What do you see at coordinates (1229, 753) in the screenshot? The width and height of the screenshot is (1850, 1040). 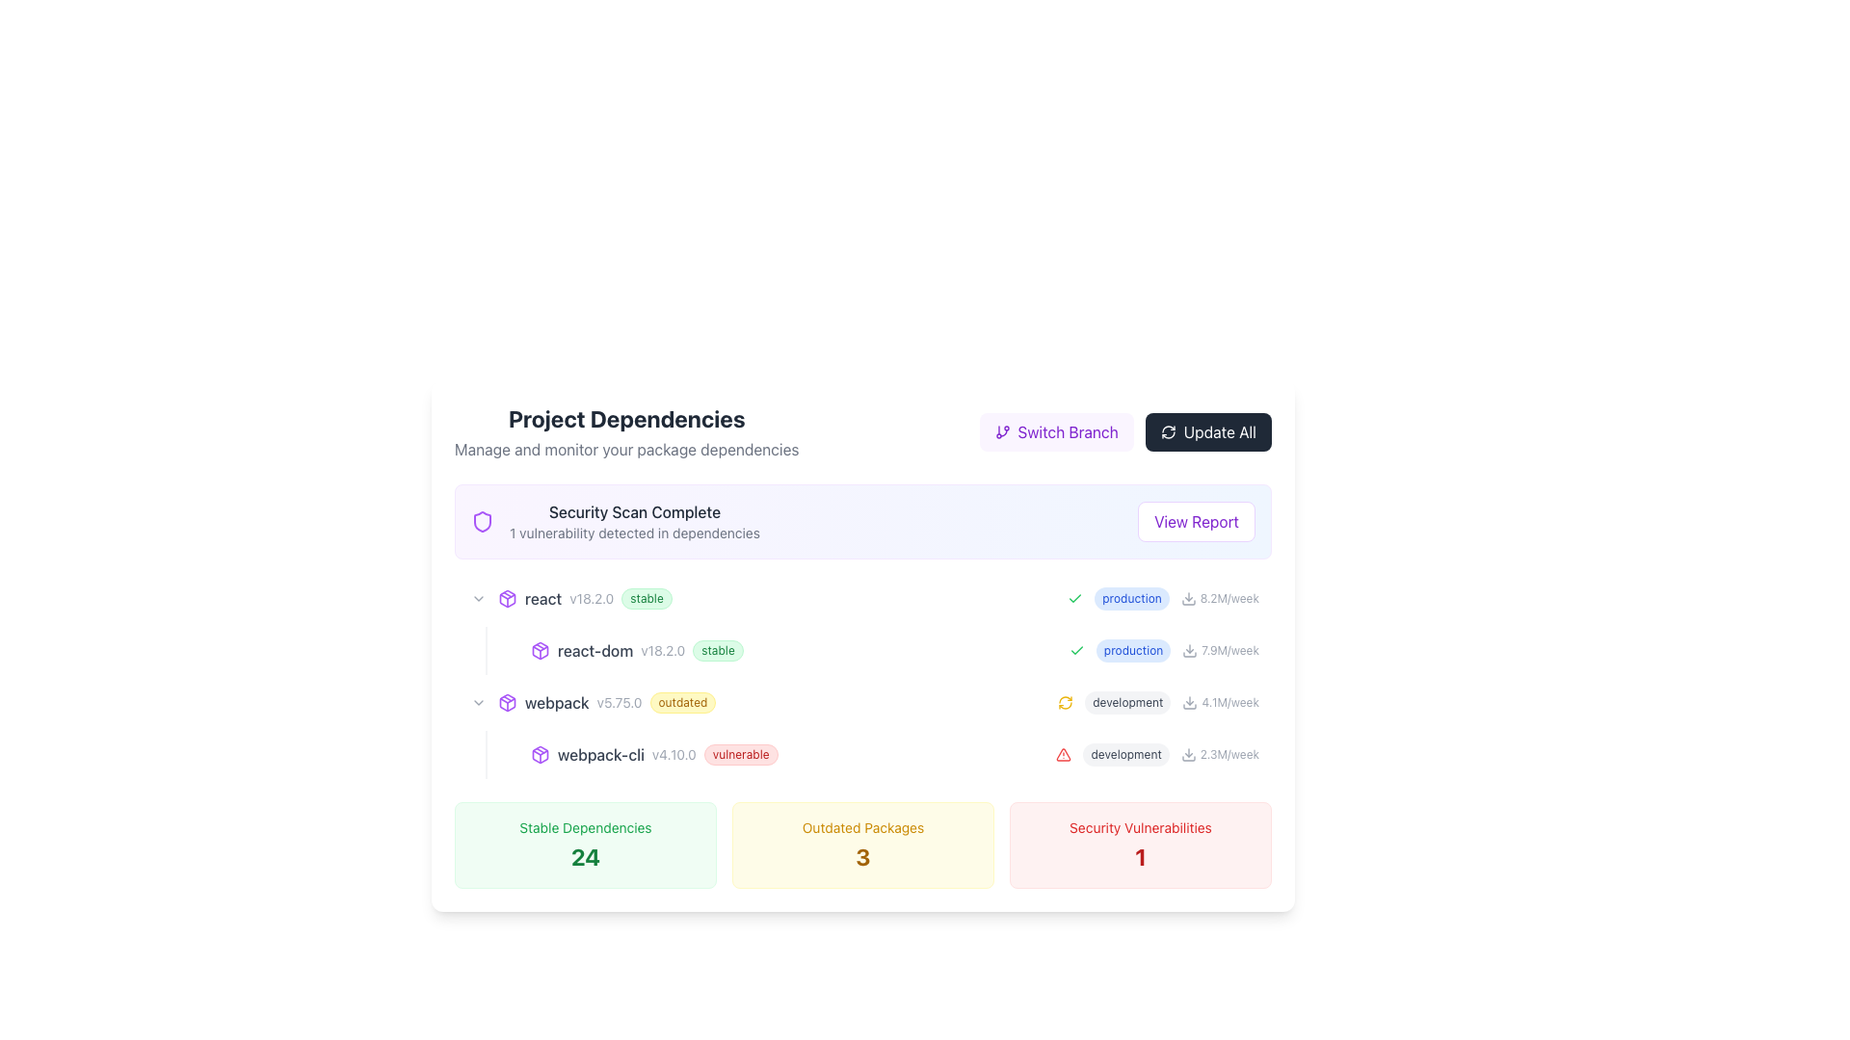 I see `download frequency information of the 'webpack-cli' dependency from the text label located in the 'Project Dependencies' section, which is positioned next to a download icon and under the 'webpack-cli' entry marked as 'vulnerable'` at bounding box center [1229, 753].